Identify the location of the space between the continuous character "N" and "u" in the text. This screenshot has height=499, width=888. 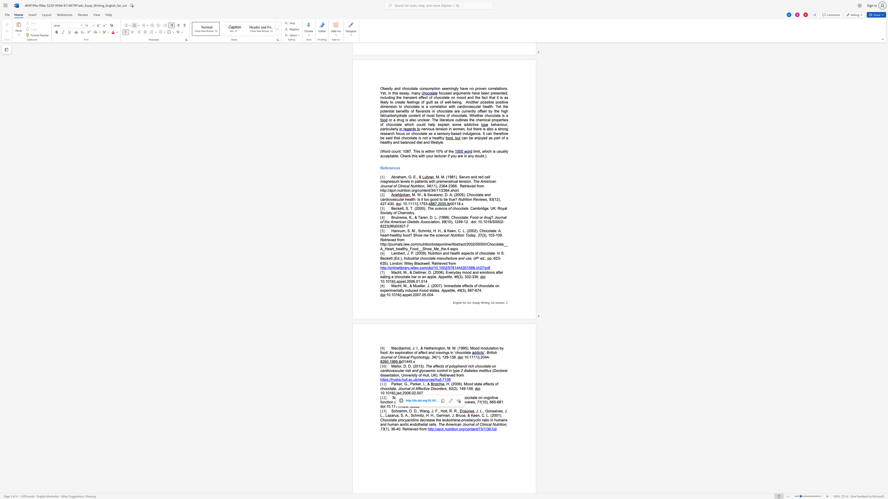
(450, 402).